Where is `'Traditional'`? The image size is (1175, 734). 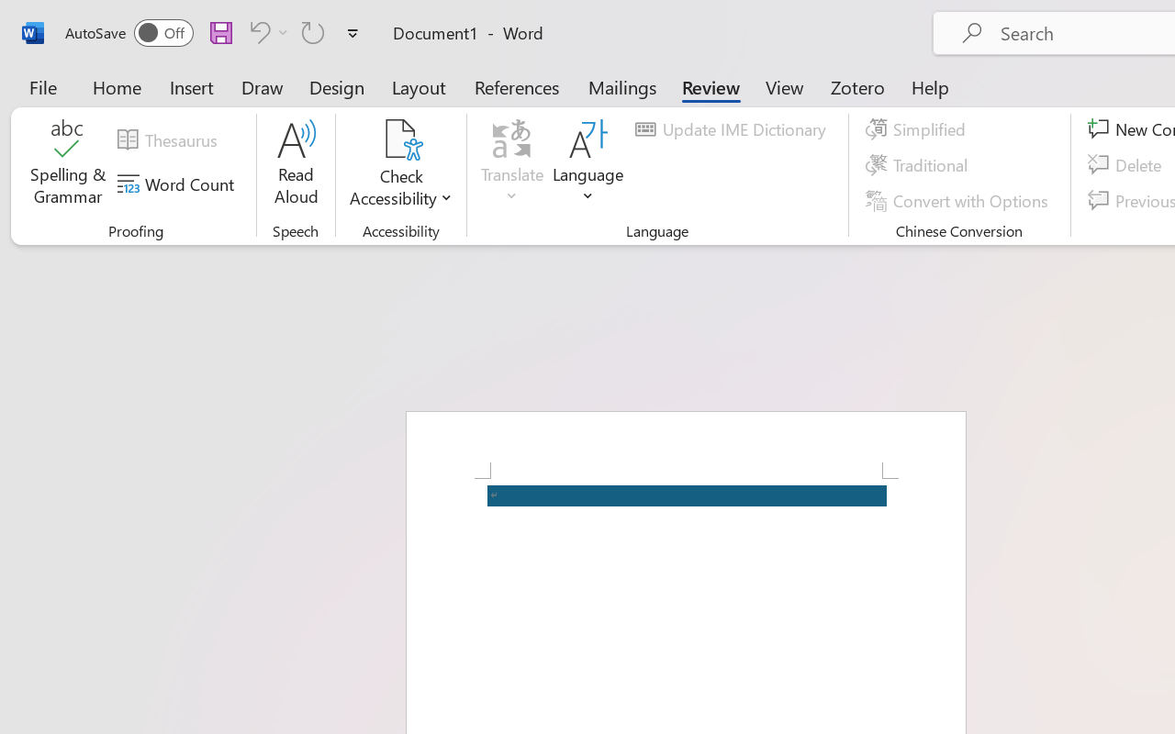
'Traditional' is located at coordinates (920, 164).